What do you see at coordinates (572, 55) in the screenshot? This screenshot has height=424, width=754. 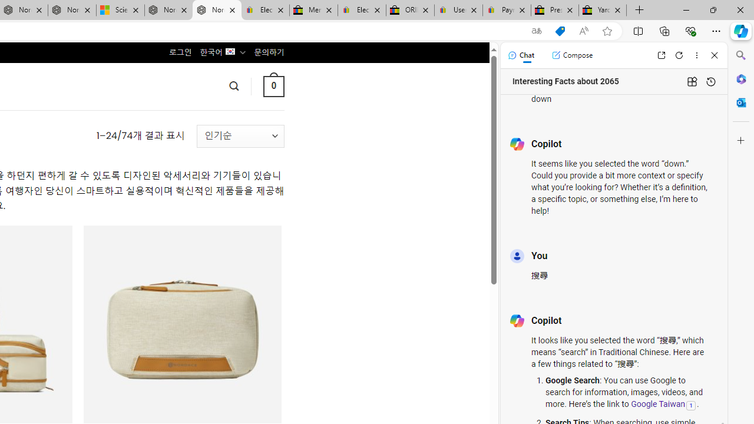 I see `'Compose'` at bounding box center [572, 55].